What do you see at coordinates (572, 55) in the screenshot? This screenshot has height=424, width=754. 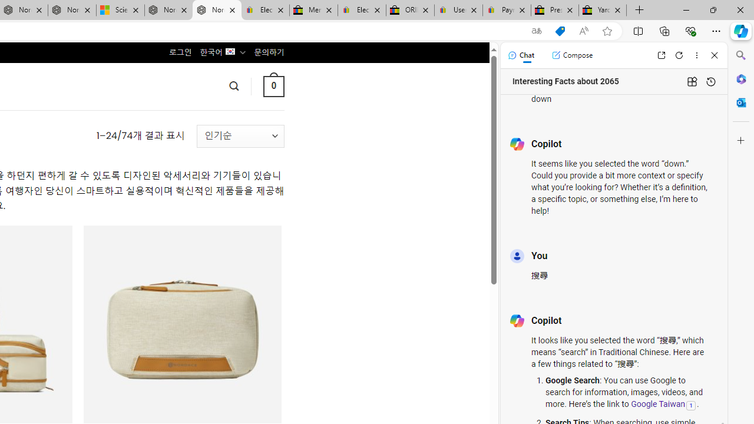 I see `'Compose'` at bounding box center [572, 55].